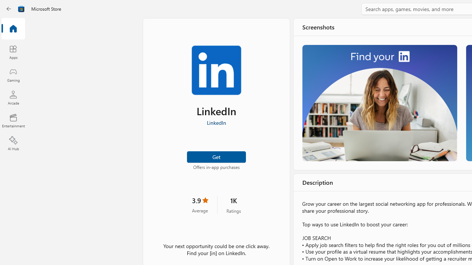 The width and height of the screenshot is (472, 265). What do you see at coordinates (200, 205) in the screenshot?
I see `'3.9 stars. Click to skip to ratings and reviews'` at bounding box center [200, 205].